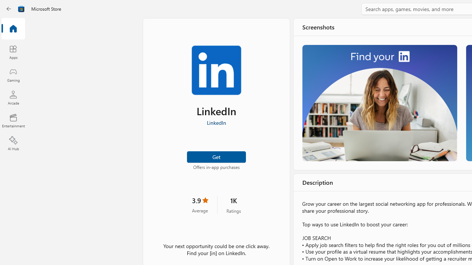 The width and height of the screenshot is (472, 265). What do you see at coordinates (200, 205) in the screenshot?
I see `'3.9 stars. Click to skip to ratings and reviews'` at bounding box center [200, 205].